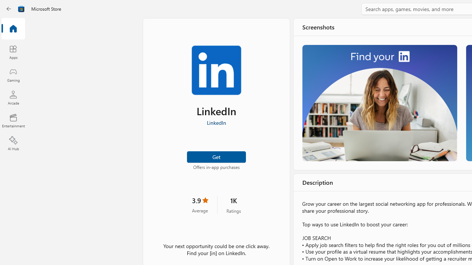 The width and height of the screenshot is (472, 265). What do you see at coordinates (200, 205) in the screenshot?
I see `'3.9 stars. Click to skip to ratings and reviews'` at bounding box center [200, 205].